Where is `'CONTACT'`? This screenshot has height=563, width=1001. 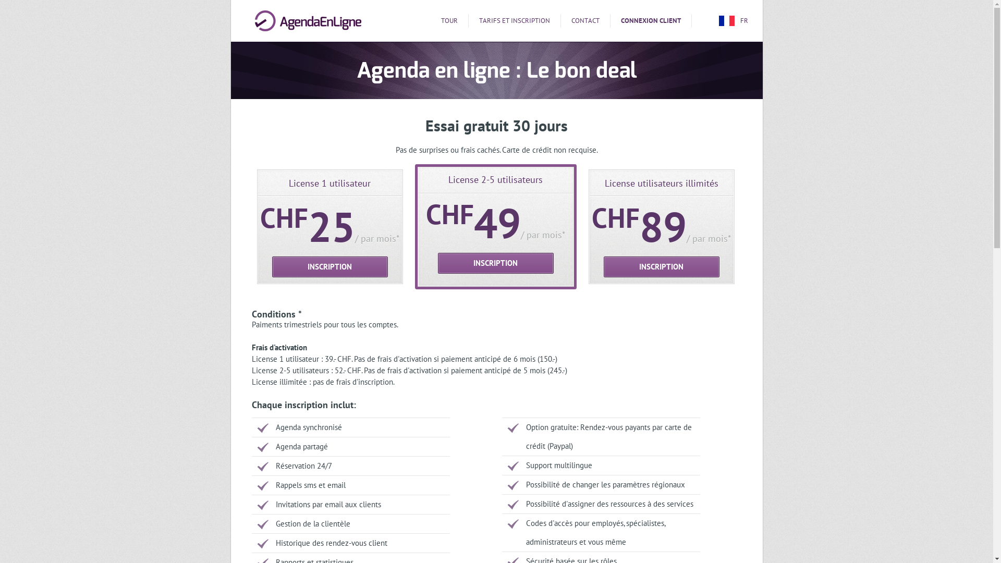 'CONTACT' is located at coordinates (585, 20).